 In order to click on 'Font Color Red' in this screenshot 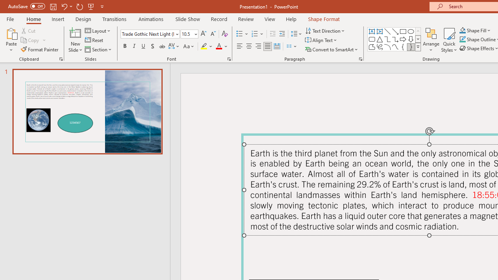, I will do `click(218, 46)`.